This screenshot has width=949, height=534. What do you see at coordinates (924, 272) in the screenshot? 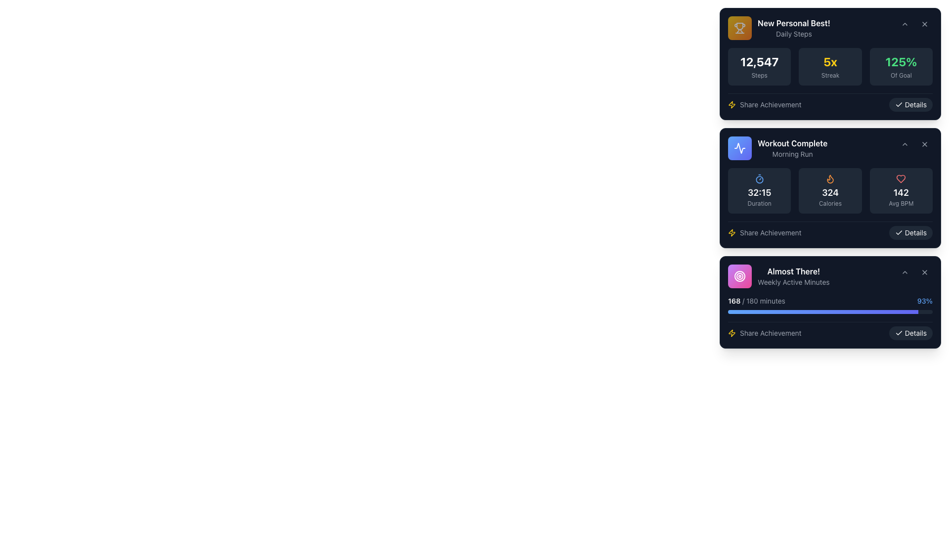
I see `the close button positioned at the top-right corner of the card titled 'Almost There!'` at bounding box center [924, 272].